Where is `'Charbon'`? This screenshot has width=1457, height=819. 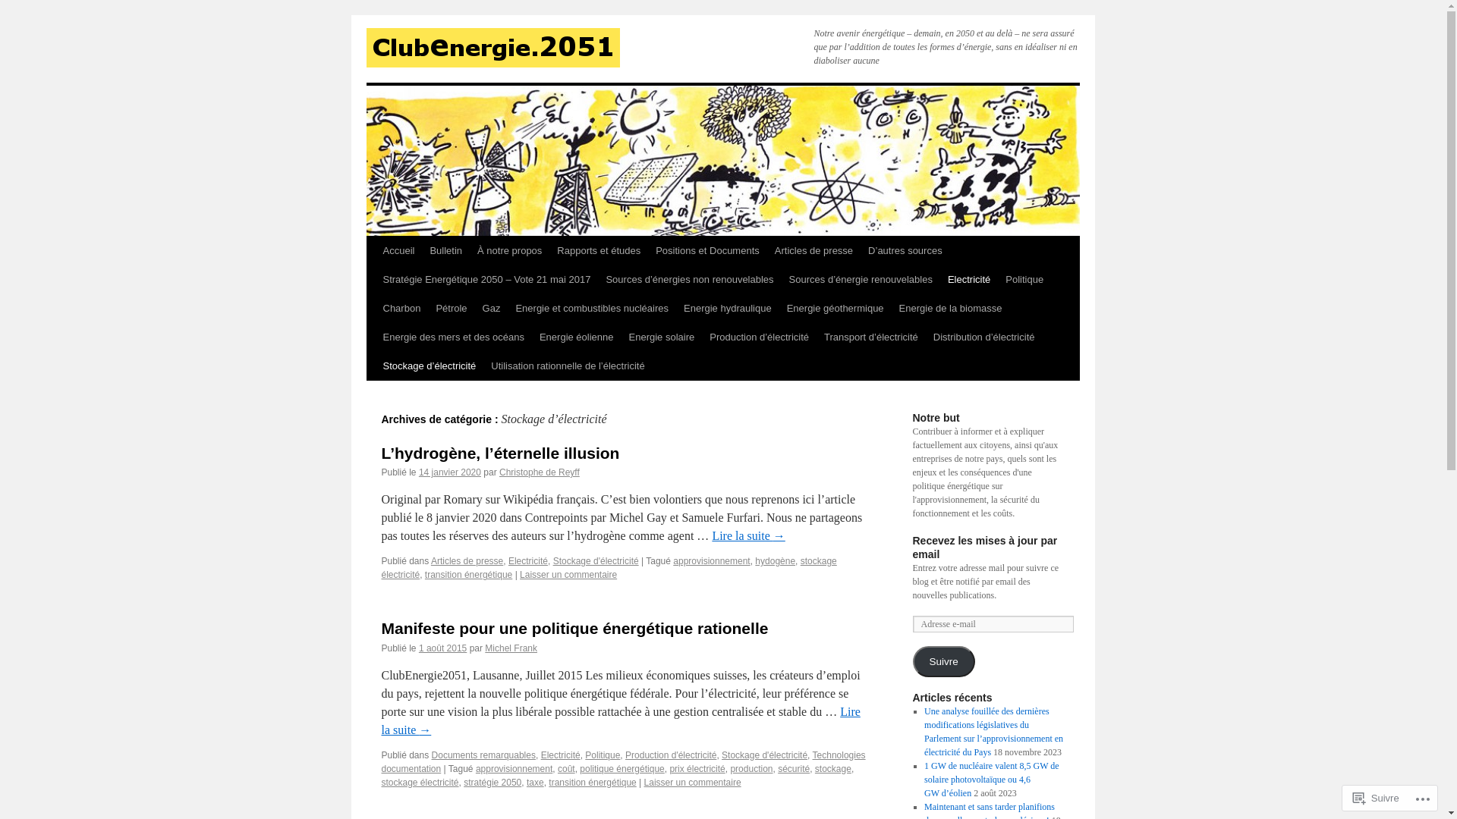
'Charbon' is located at coordinates (401, 308).